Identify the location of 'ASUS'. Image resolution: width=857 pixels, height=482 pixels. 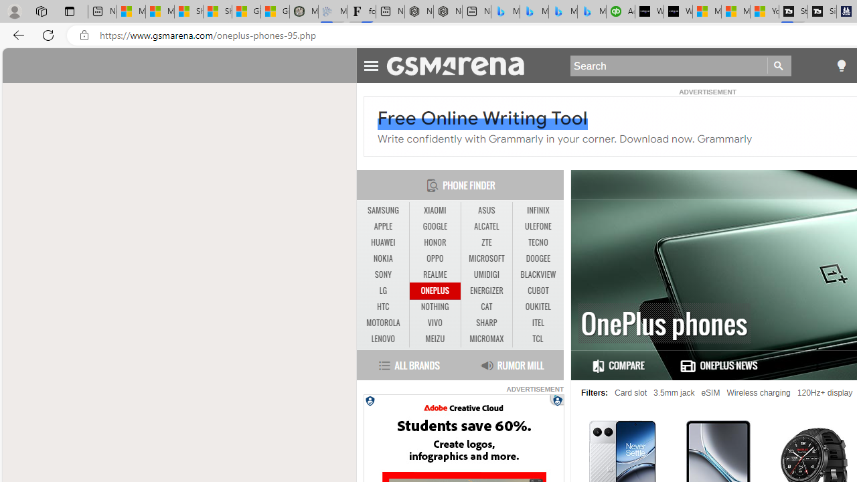
(486, 210).